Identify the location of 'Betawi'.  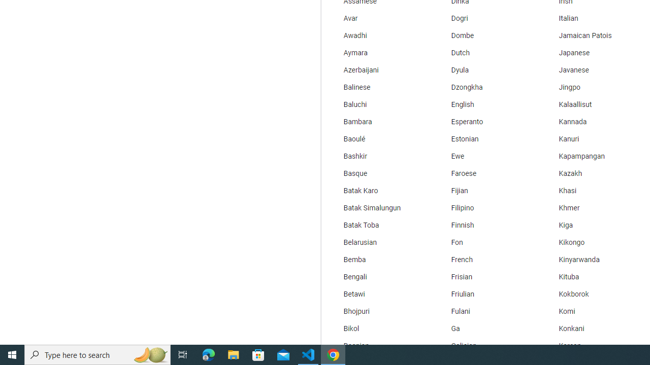
(378, 295).